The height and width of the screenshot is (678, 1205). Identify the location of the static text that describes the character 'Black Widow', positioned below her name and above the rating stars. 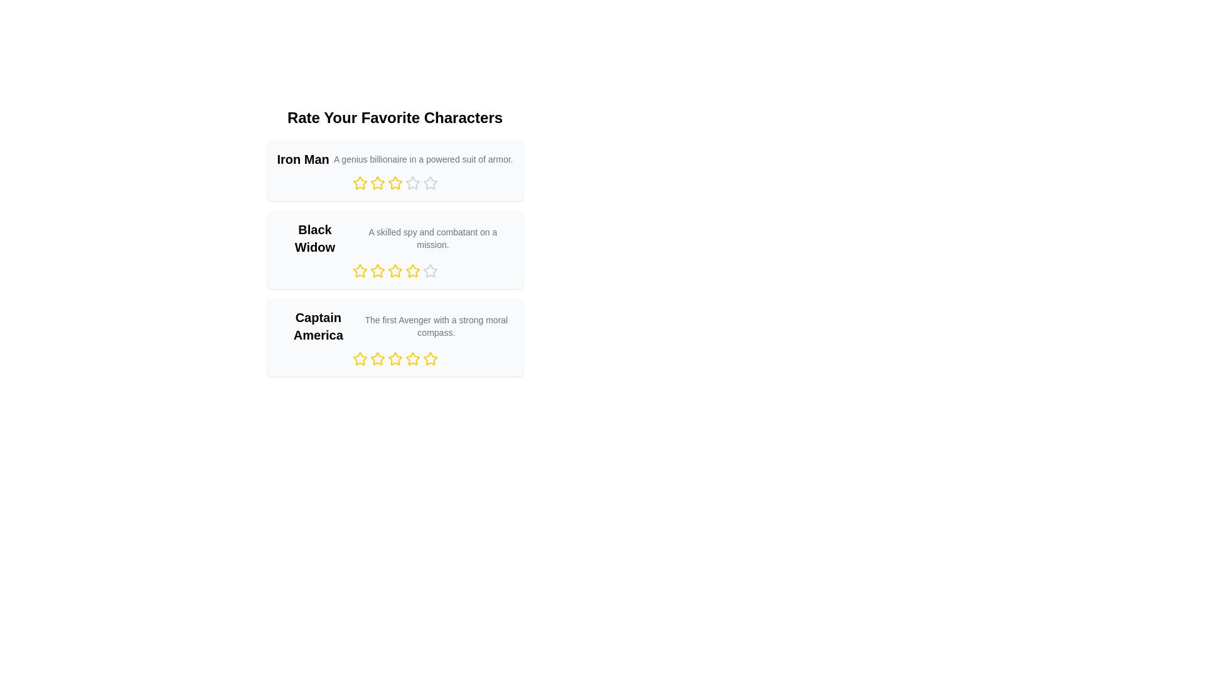
(432, 239).